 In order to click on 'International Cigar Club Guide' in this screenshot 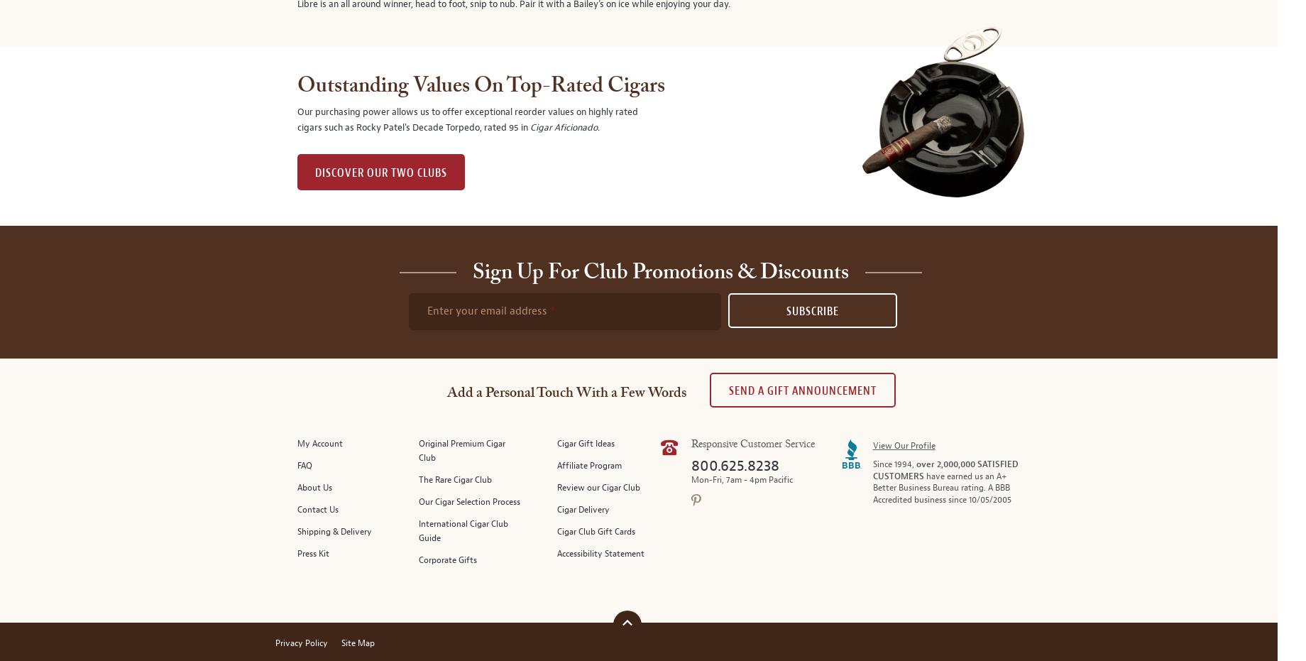, I will do `click(461, 531)`.